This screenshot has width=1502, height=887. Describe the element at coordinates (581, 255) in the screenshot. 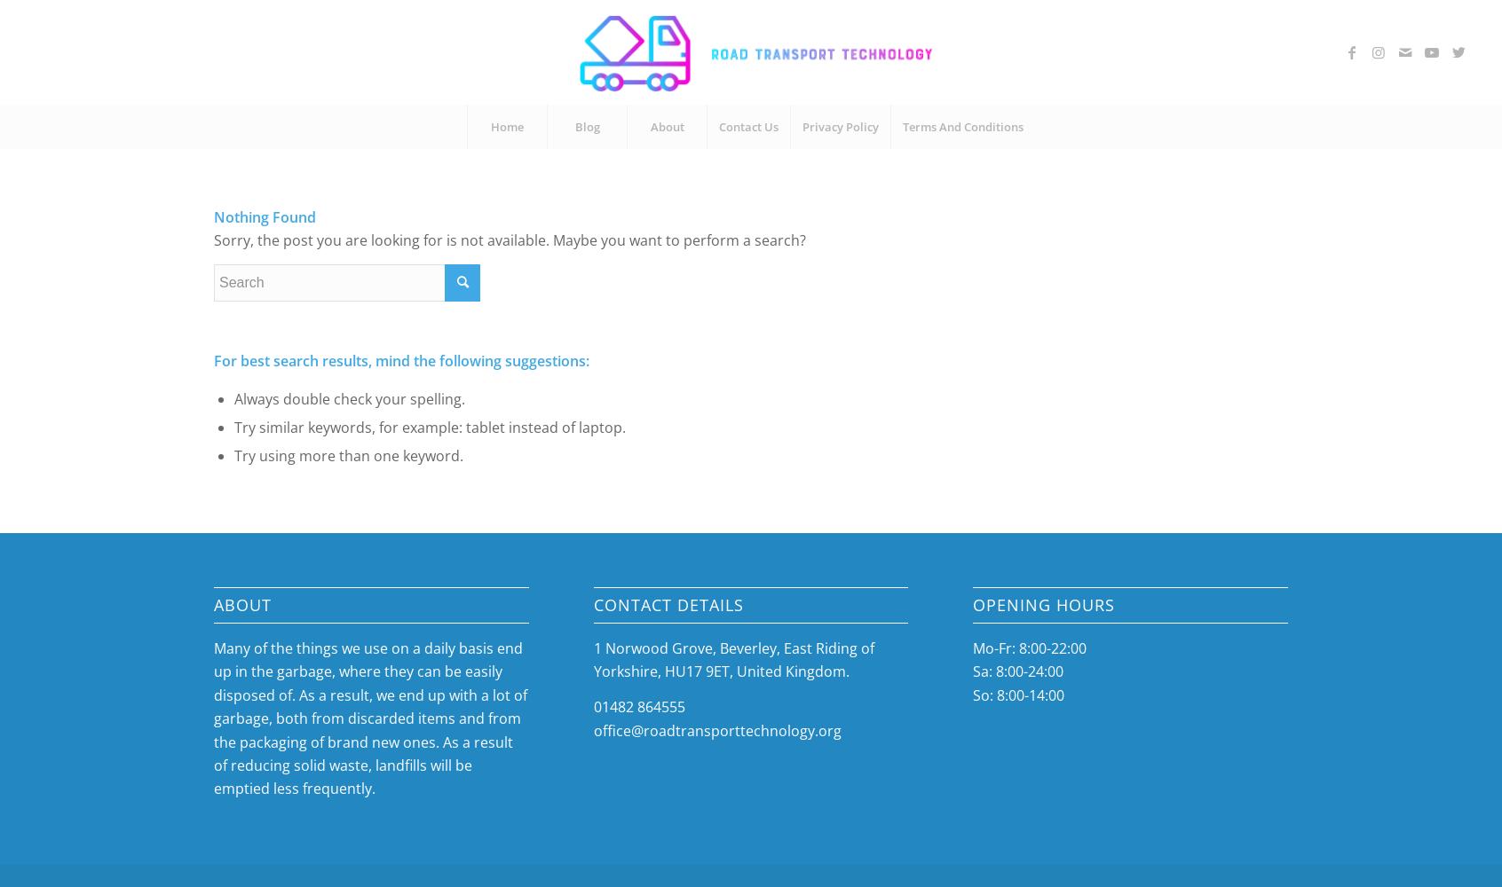

I see `'Landfills'` at that location.